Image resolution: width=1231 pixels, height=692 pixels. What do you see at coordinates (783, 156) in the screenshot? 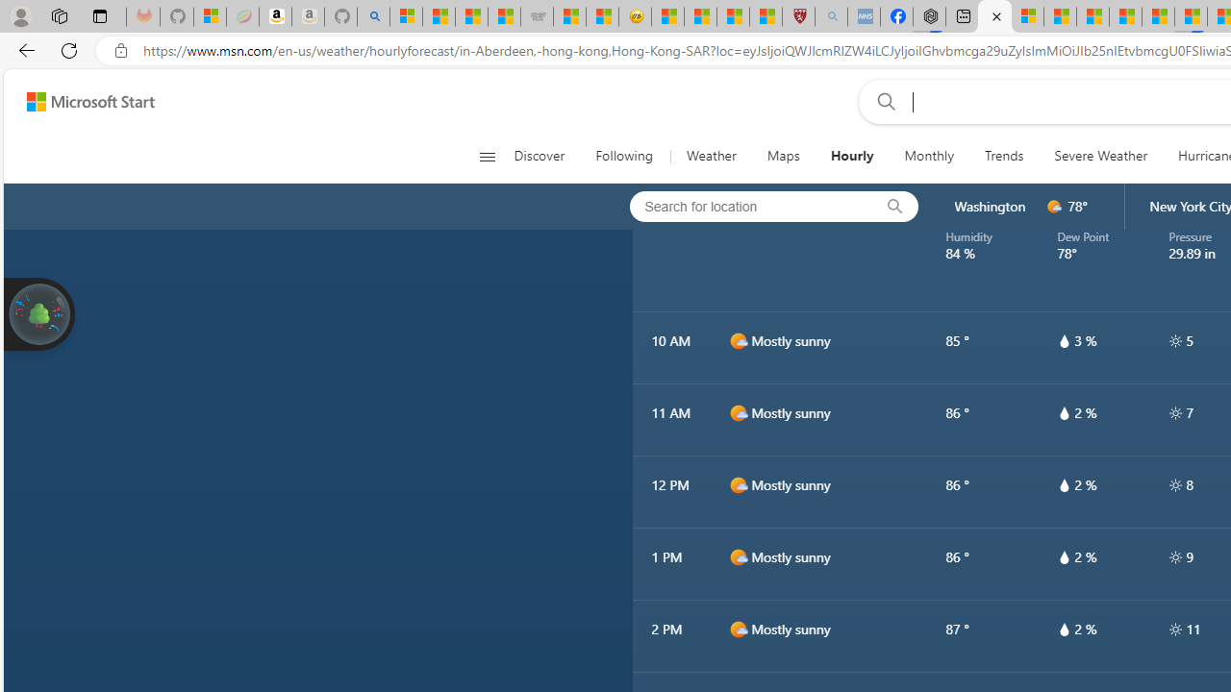
I see `'Maps'` at bounding box center [783, 156].